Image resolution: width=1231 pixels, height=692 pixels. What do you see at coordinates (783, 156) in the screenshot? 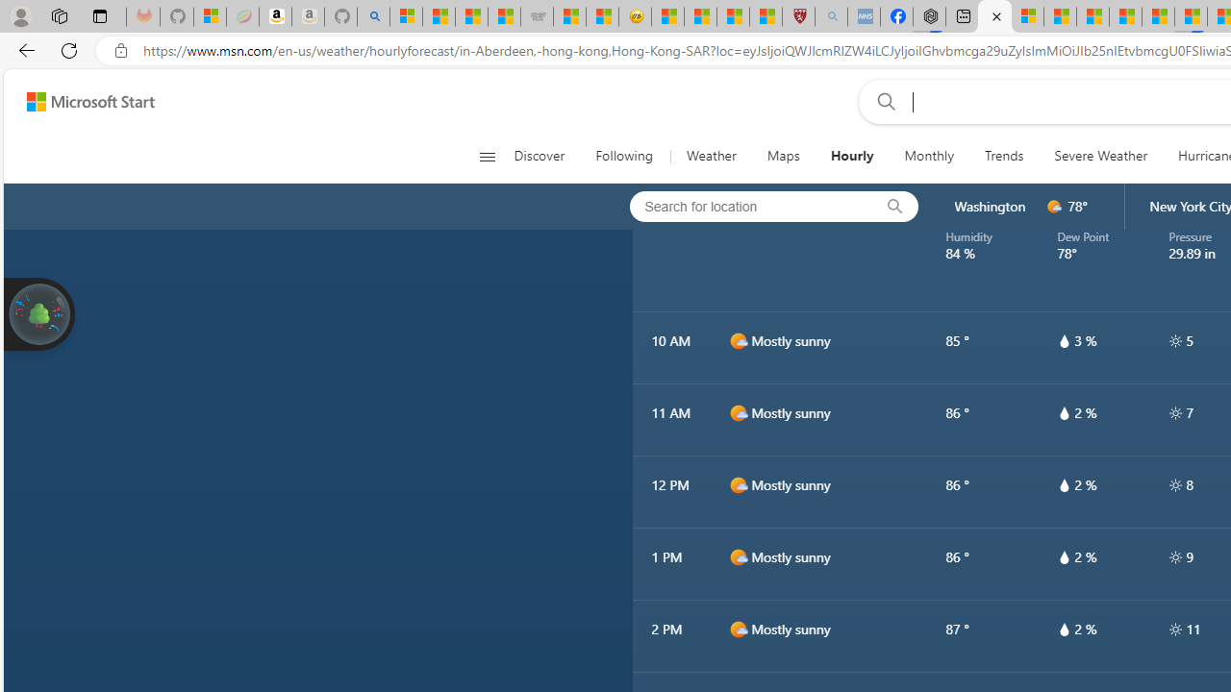
I see `'Maps'` at bounding box center [783, 156].